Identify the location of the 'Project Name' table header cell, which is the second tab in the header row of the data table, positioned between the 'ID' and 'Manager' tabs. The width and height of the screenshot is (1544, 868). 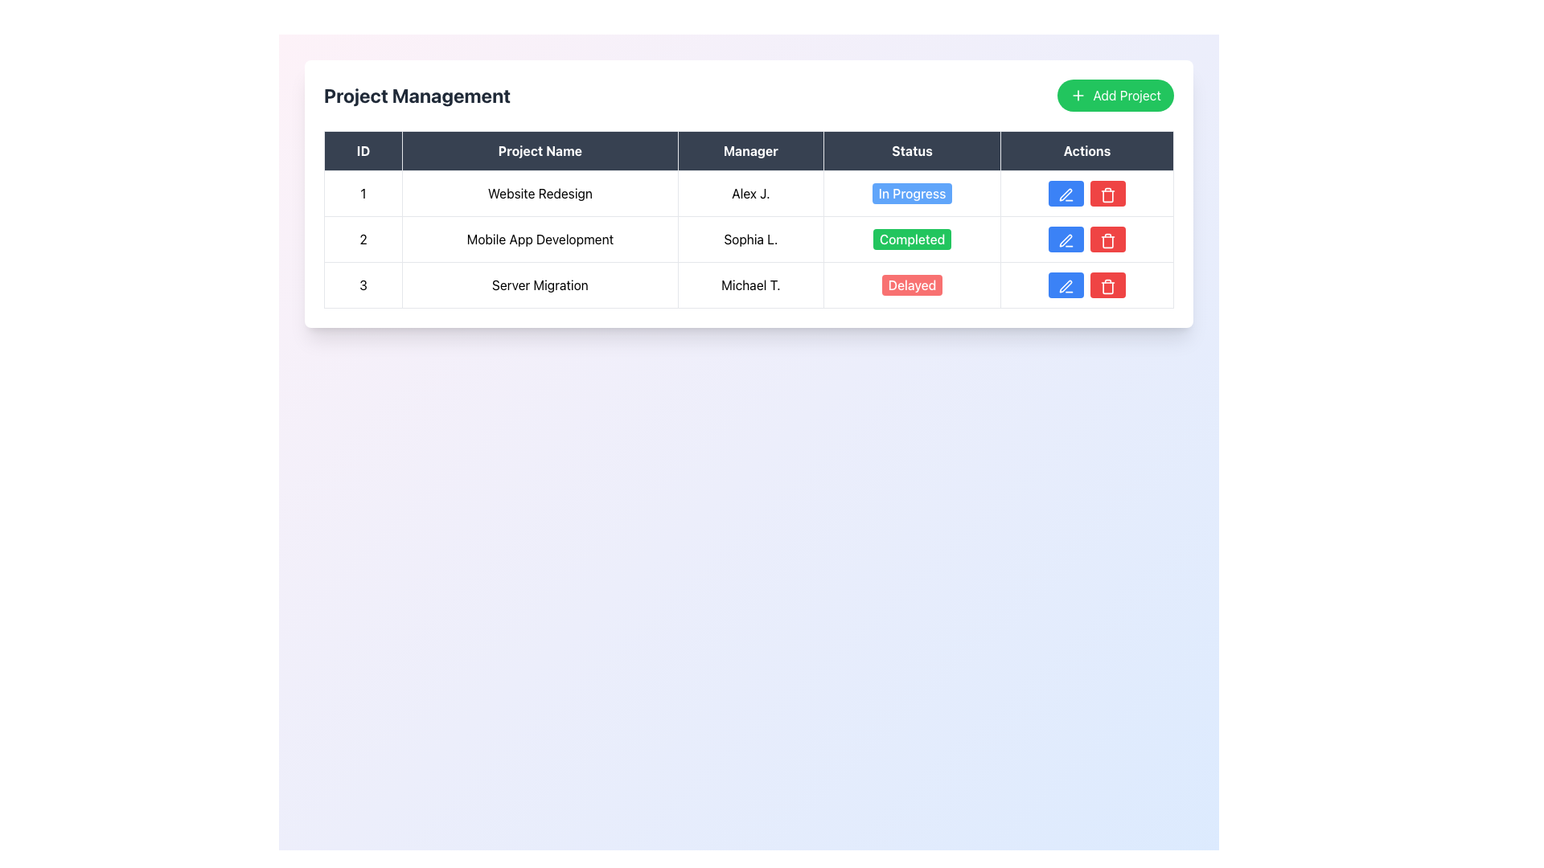
(540, 151).